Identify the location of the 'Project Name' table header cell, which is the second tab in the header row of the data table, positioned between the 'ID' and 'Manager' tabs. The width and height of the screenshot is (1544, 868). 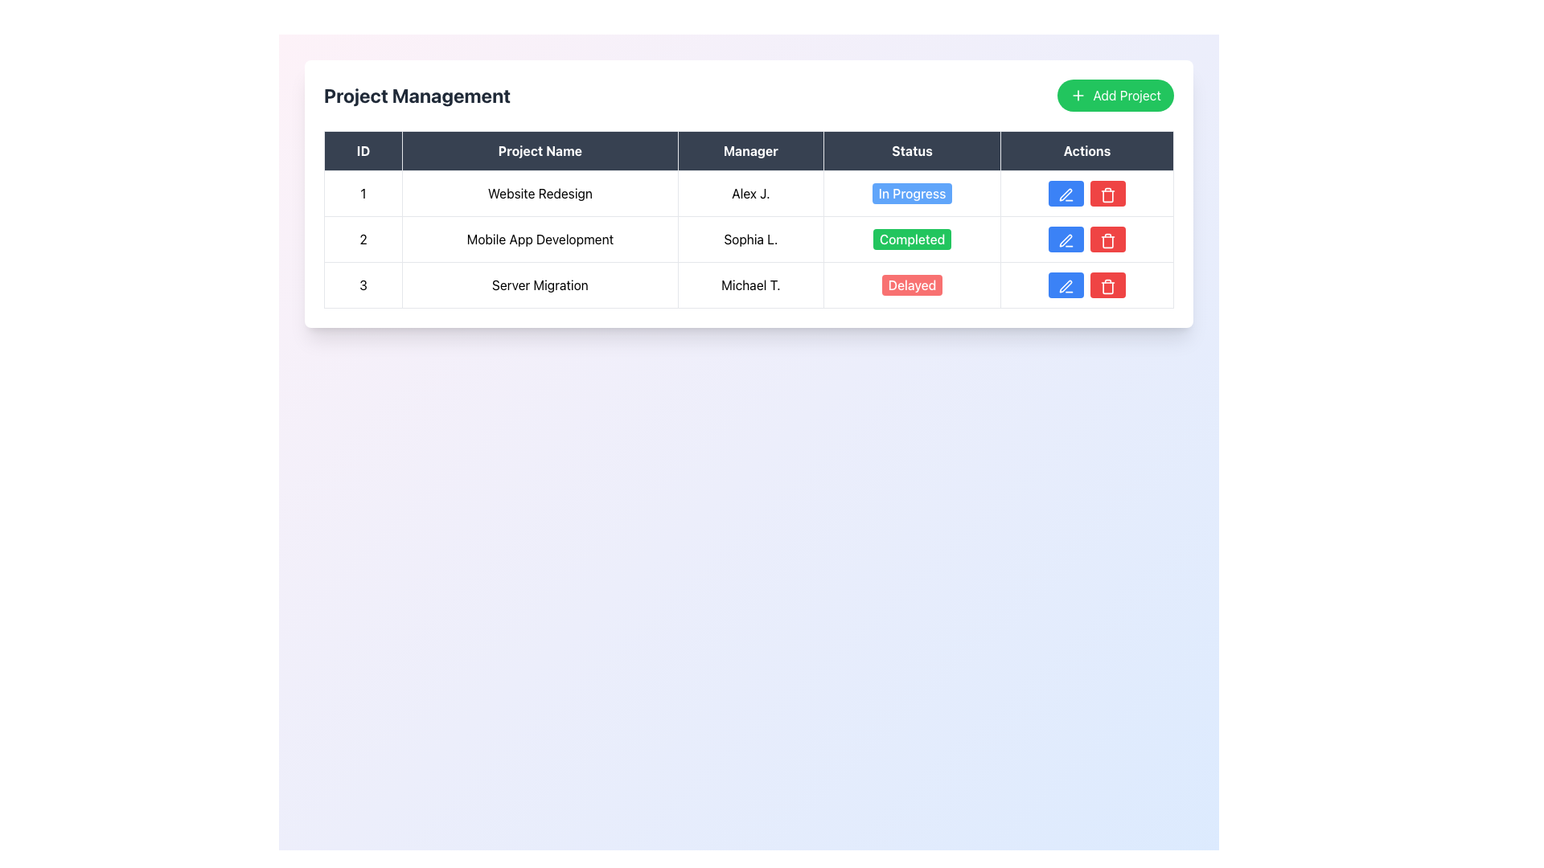
(540, 151).